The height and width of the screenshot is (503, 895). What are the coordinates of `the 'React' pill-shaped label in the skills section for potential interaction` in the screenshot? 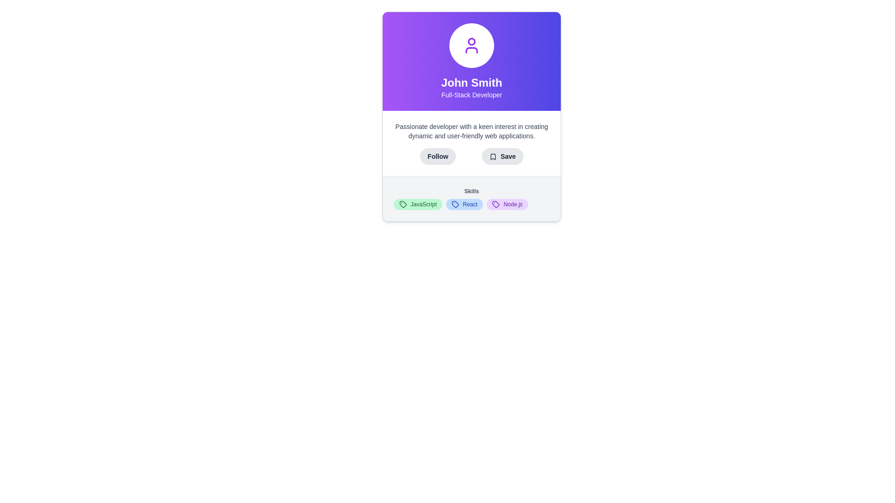 It's located at (472, 204).